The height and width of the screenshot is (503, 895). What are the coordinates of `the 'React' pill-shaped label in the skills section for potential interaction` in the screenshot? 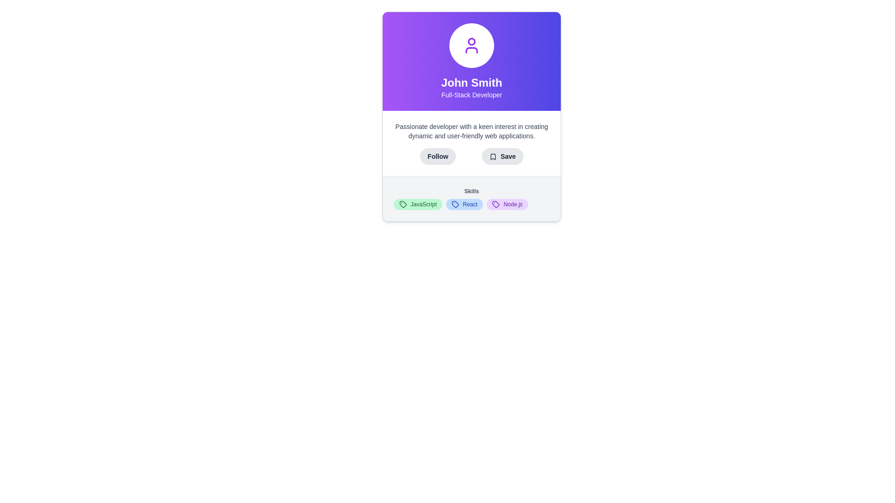 It's located at (472, 204).